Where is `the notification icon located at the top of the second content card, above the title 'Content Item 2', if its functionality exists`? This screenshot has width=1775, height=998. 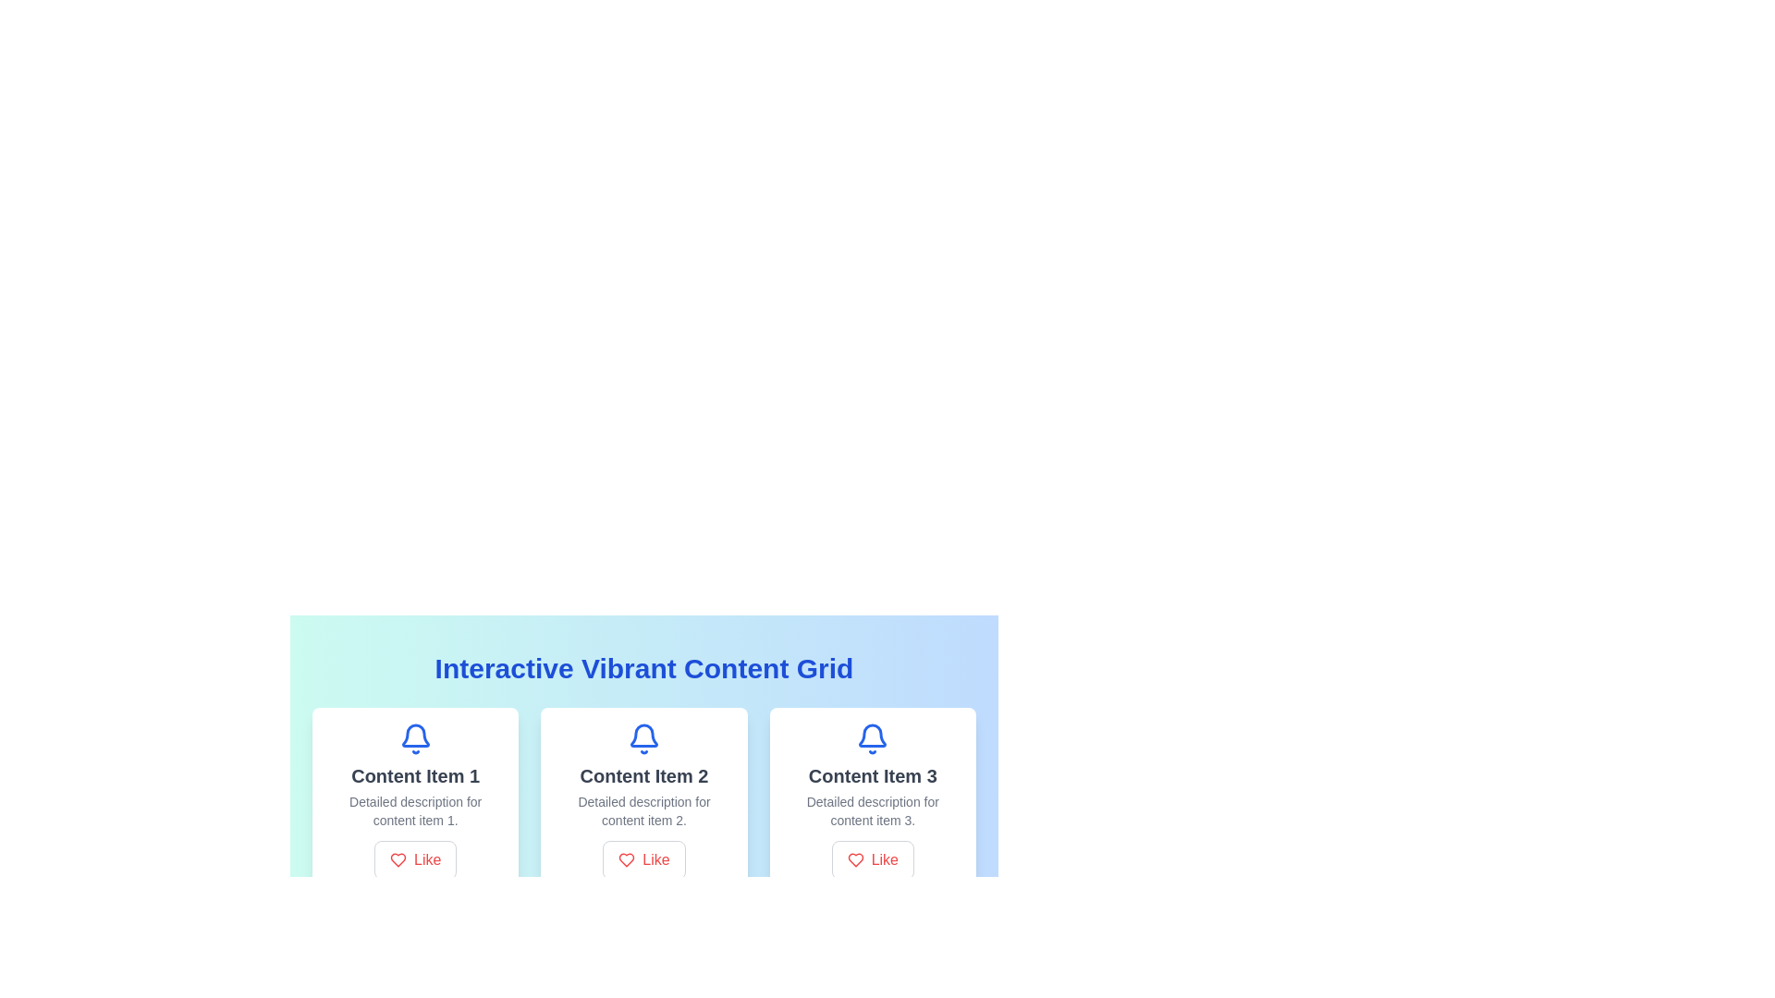
the notification icon located at the top of the second content card, above the title 'Content Item 2', if its functionality exists is located at coordinates (643, 735).